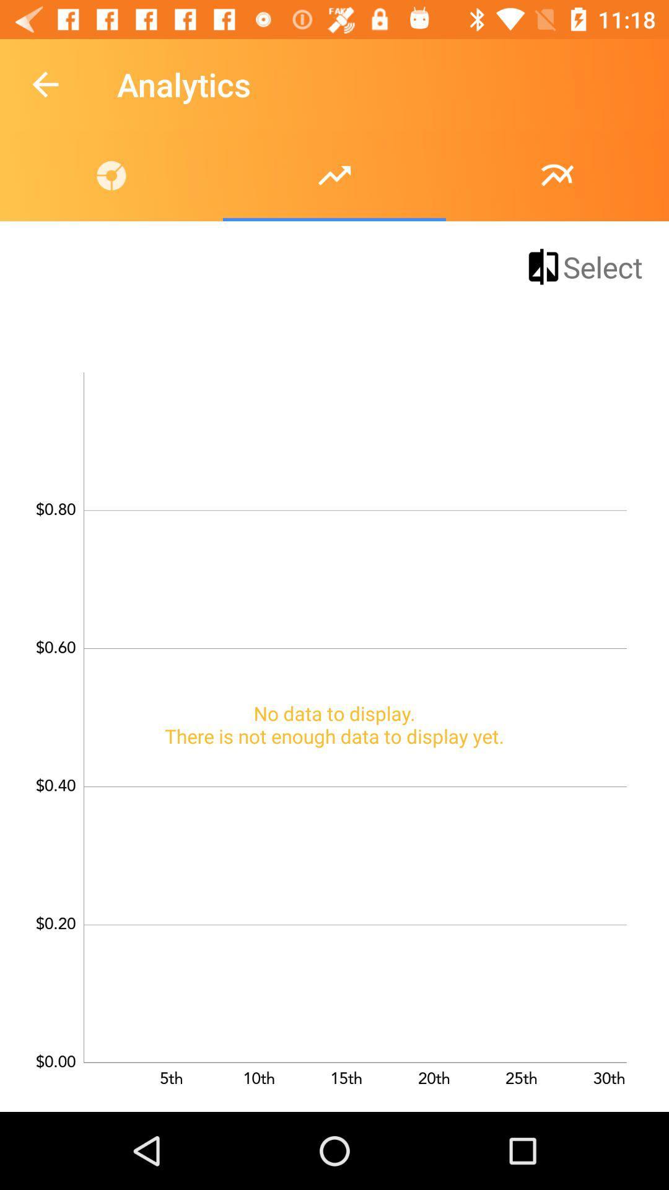 This screenshot has width=669, height=1190. Describe the element at coordinates (583, 266) in the screenshot. I see `select icon` at that location.